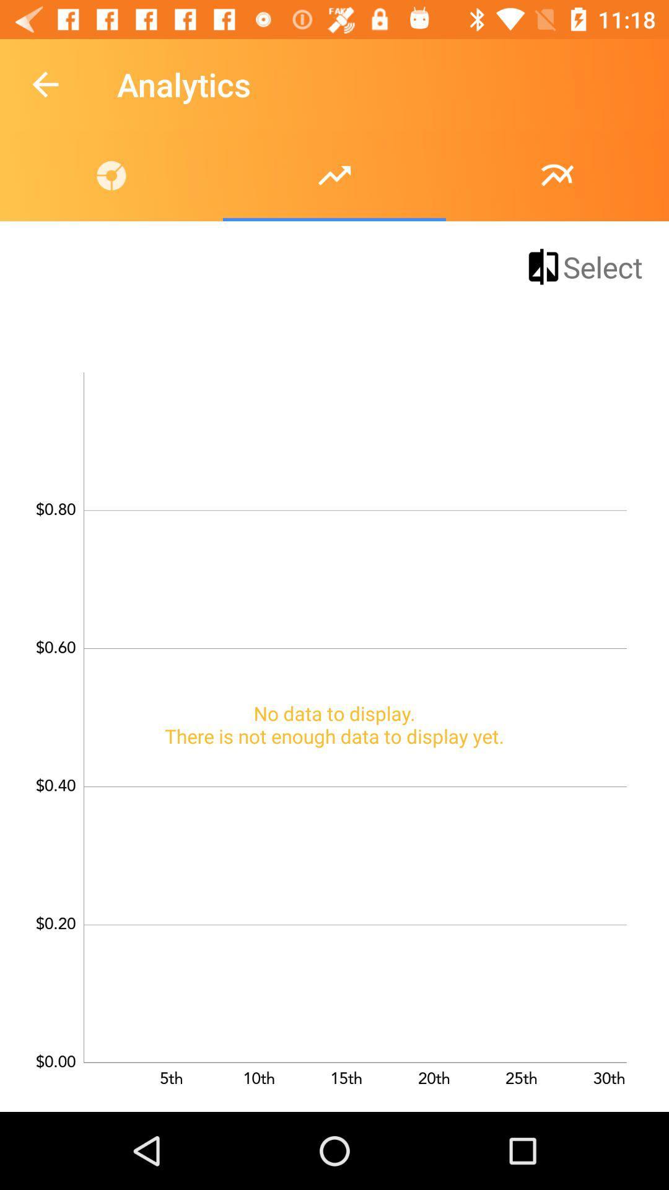 This screenshot has width=669, height=1190. Describe the element at coordinates (583, 266) in the screenshot. I see `select icon` at that location.